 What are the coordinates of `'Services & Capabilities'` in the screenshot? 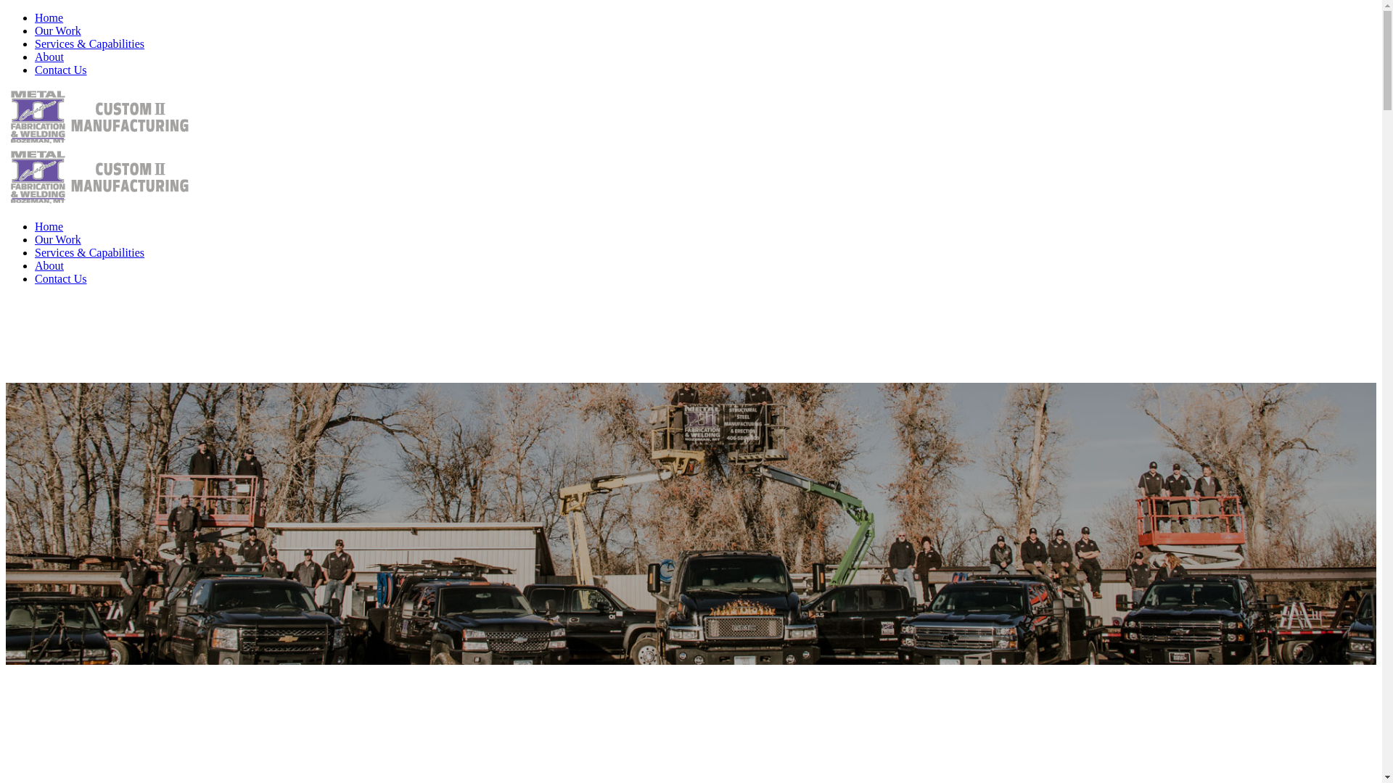 It's located at (89, 43).